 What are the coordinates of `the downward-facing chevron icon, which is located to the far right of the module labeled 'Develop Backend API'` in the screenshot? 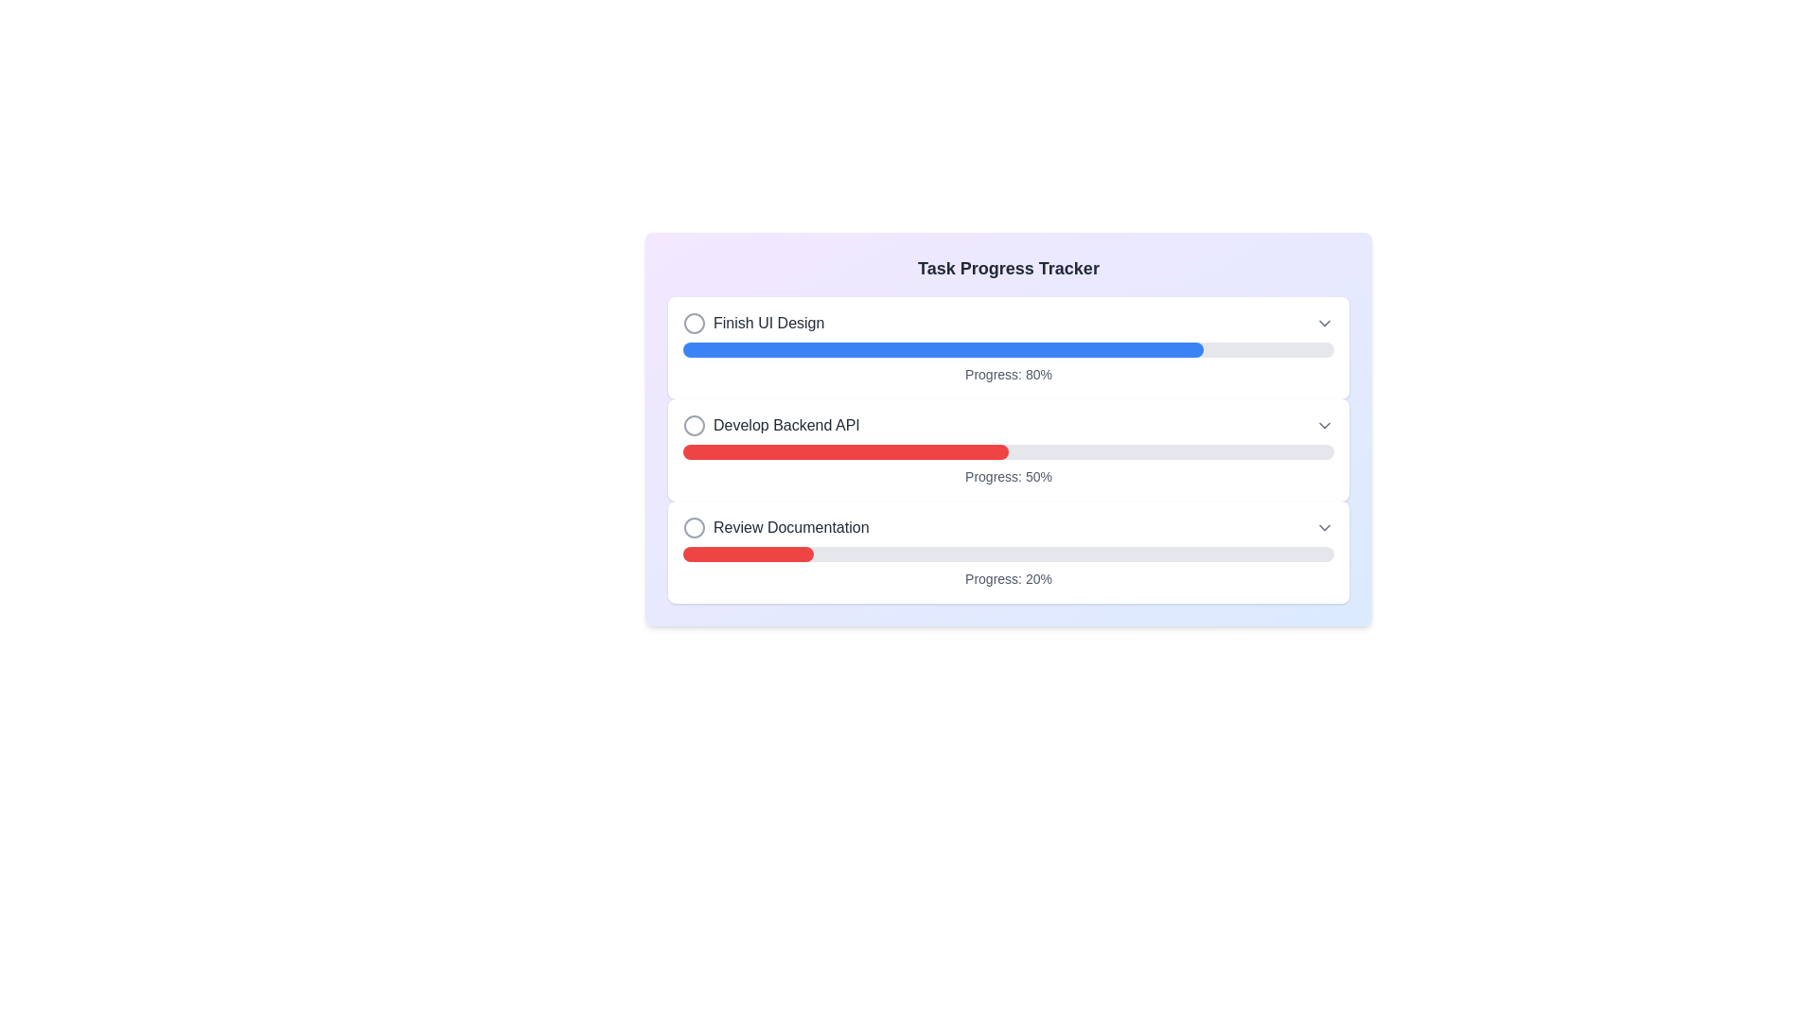 It's located at (1324, 426).